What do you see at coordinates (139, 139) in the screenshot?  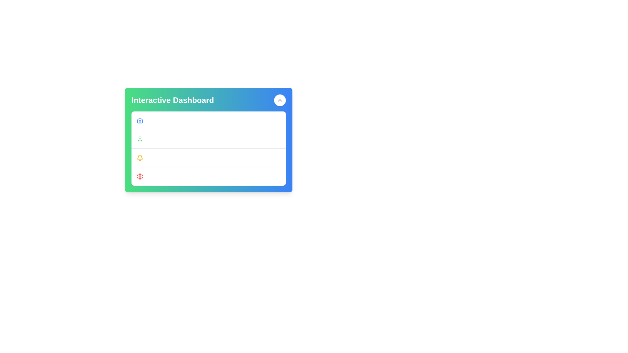 I see `the user profile icon with a green outline located next to the 'Profile' text in the vertical menu, which is the second item in the list` at bounding box center [139, 139].